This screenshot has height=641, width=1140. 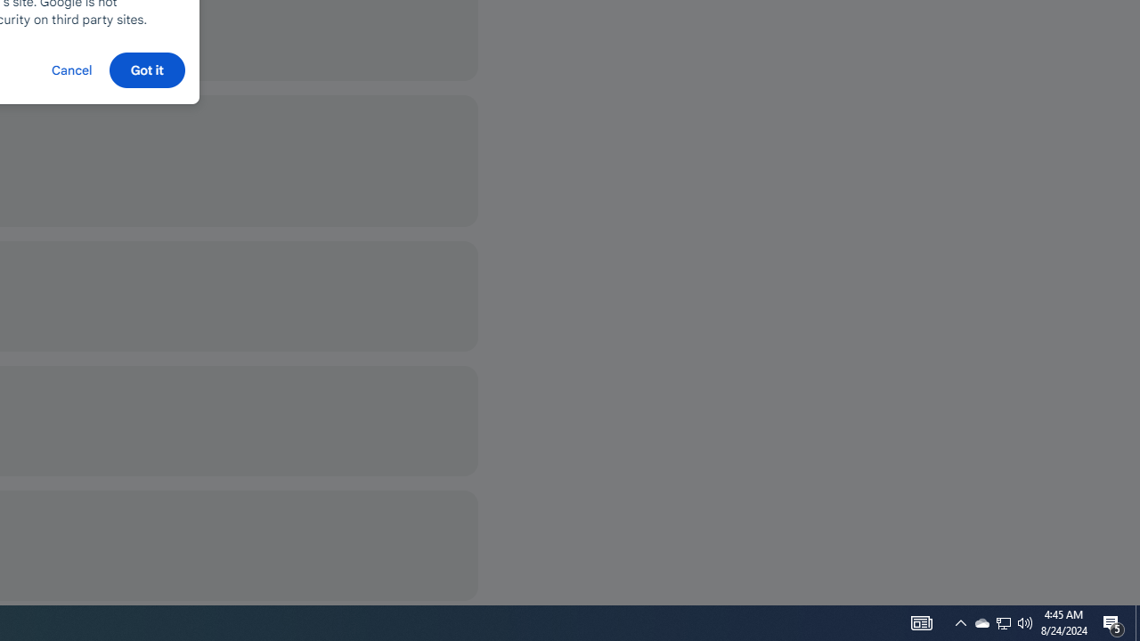 I want to click on 'Got it', so click(x=147, y=69).